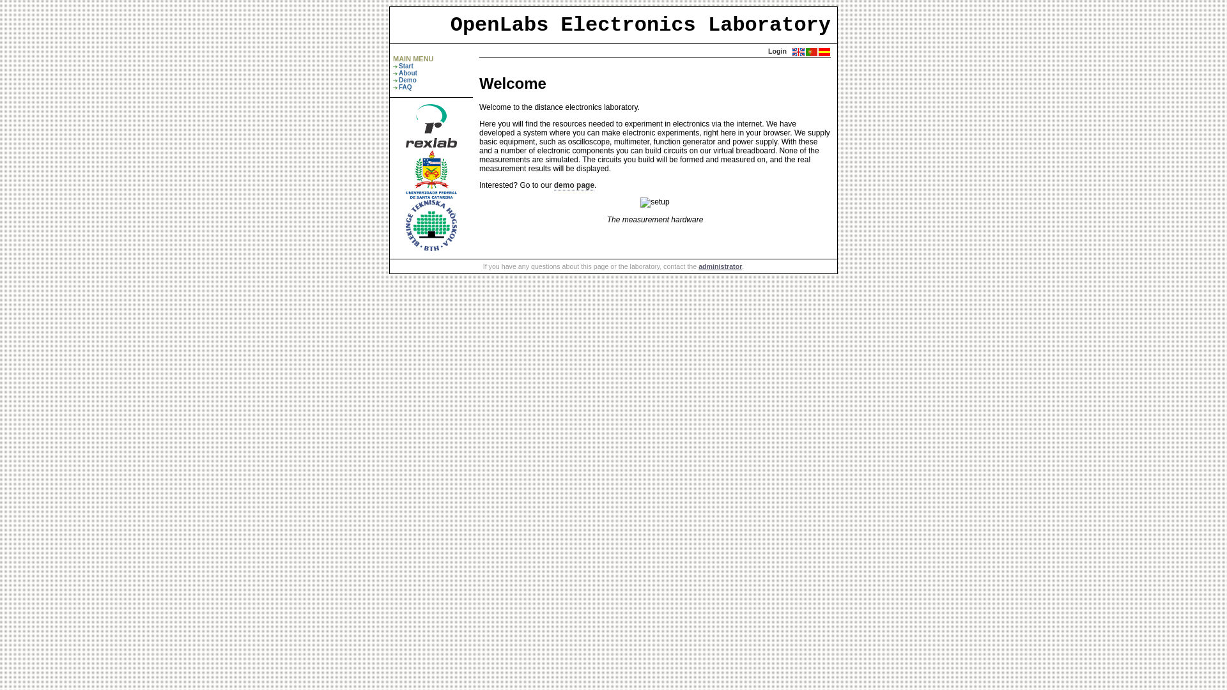 The image size is (1227, 690). I want to click on 'FAQ', so click(405, 86).